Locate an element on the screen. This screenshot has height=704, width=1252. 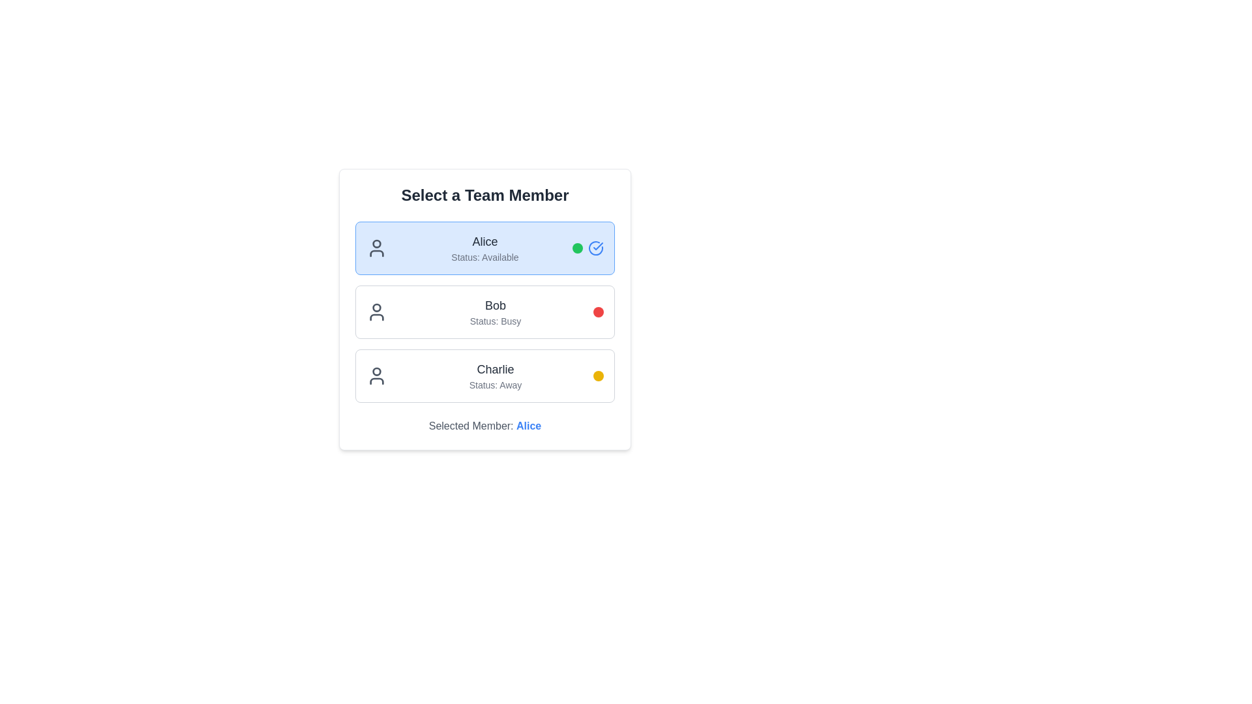
the card in the list of selectable cards is located at coordinates (484, 312).